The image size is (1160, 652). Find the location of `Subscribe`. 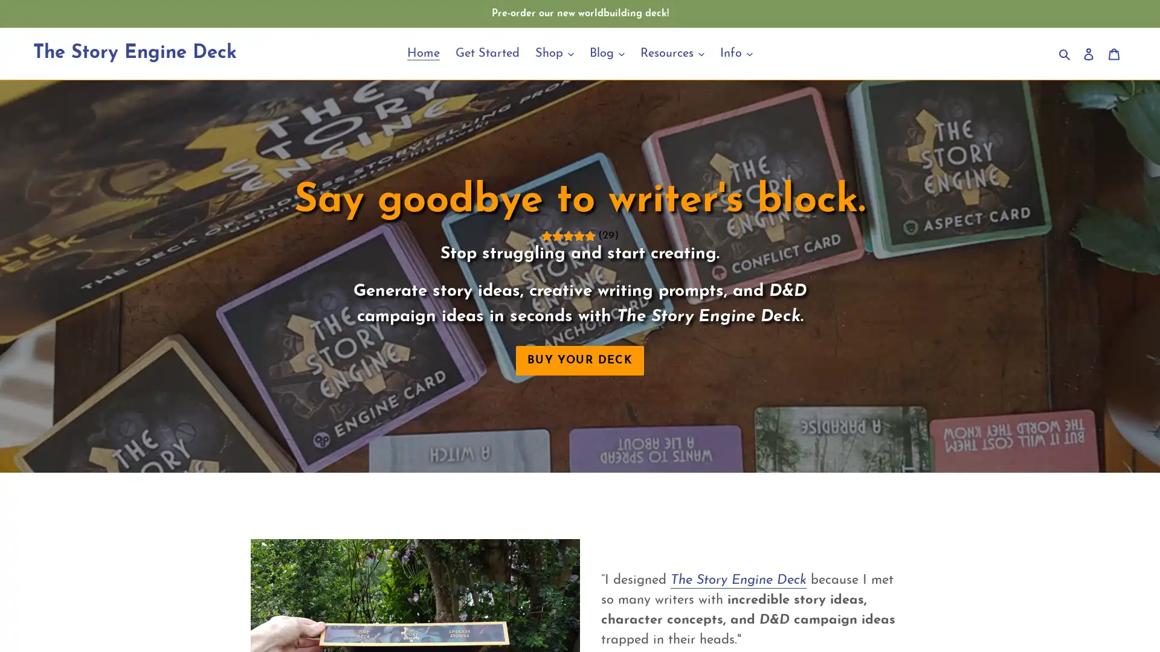

Subscribe is located at coordinates (663, 449).